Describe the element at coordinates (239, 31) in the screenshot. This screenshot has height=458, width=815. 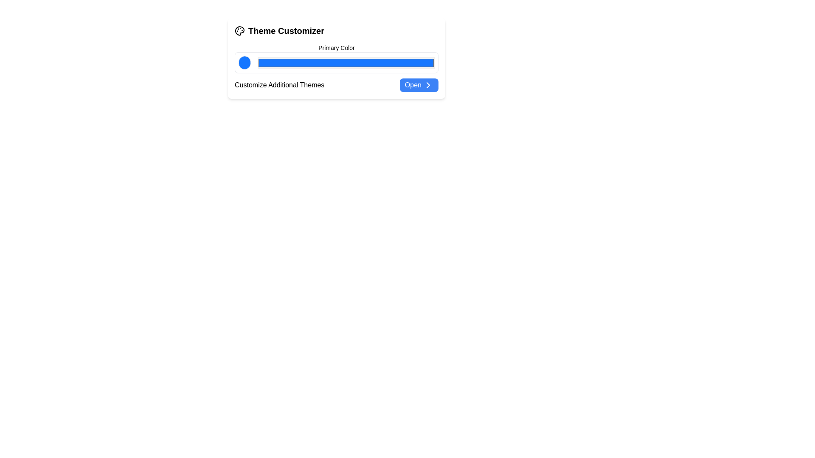
I see `the small black vector graphic icon shaped like an uneven circle or palette, located near the top-left corner of the 'Theme Customizer' interface, adjacent to the heading 'Theme Customizer'` at that location.